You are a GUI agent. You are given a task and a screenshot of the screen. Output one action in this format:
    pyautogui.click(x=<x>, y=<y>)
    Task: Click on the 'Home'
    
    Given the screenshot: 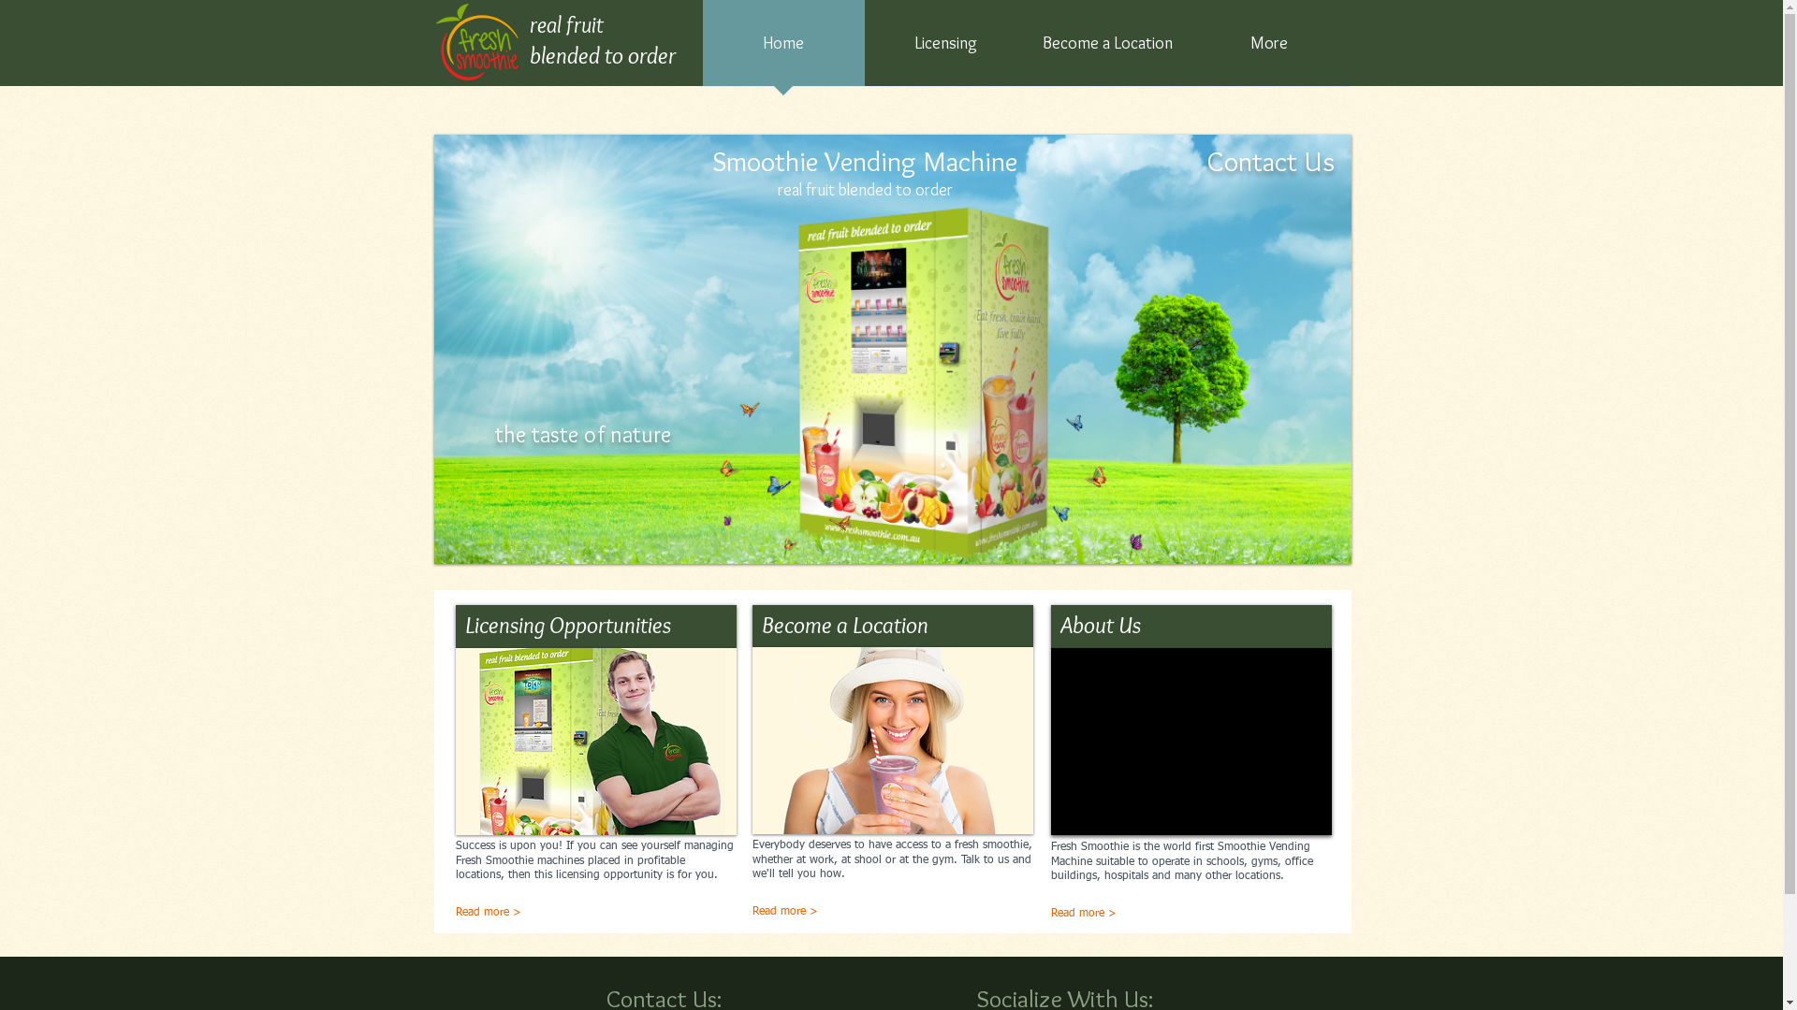 What is the action you would take?
    pyautogui.click(x=782, y=48)
    